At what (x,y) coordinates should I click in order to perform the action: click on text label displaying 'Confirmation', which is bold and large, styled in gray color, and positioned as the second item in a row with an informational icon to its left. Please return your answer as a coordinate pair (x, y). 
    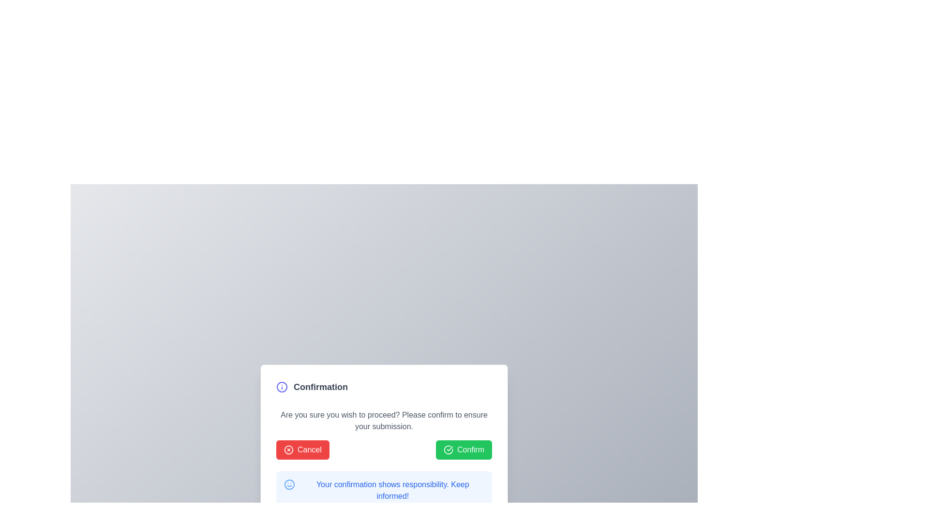
    Looking at the image, I should click on (320, 387).